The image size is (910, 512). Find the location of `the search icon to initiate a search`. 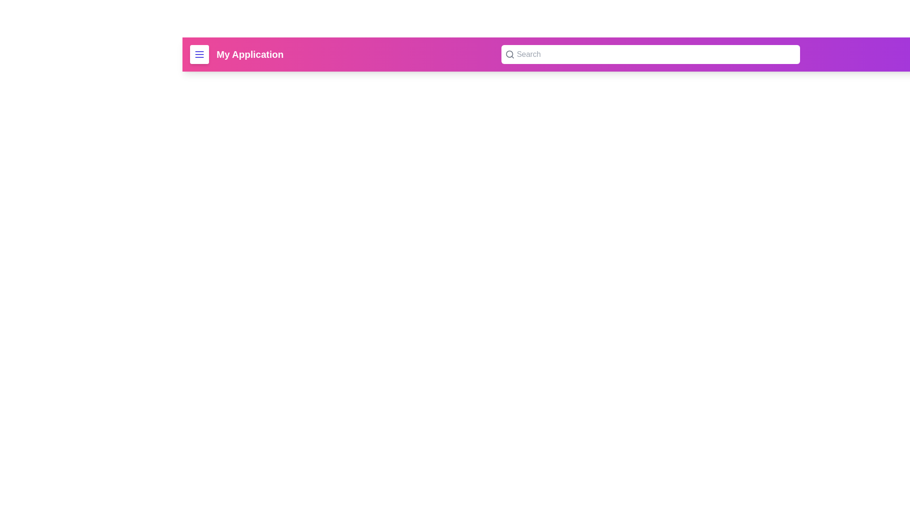

the search icon to initiate a search is located at coordinates (509, 55).